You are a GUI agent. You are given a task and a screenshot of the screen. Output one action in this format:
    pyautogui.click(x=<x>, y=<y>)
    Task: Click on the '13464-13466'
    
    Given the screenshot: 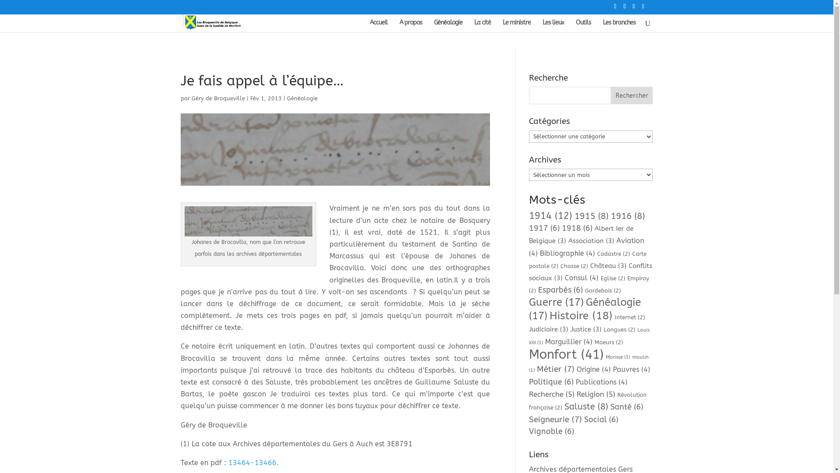 What is the action you would take?
    pyautogui.click(x=252, y=462)
    